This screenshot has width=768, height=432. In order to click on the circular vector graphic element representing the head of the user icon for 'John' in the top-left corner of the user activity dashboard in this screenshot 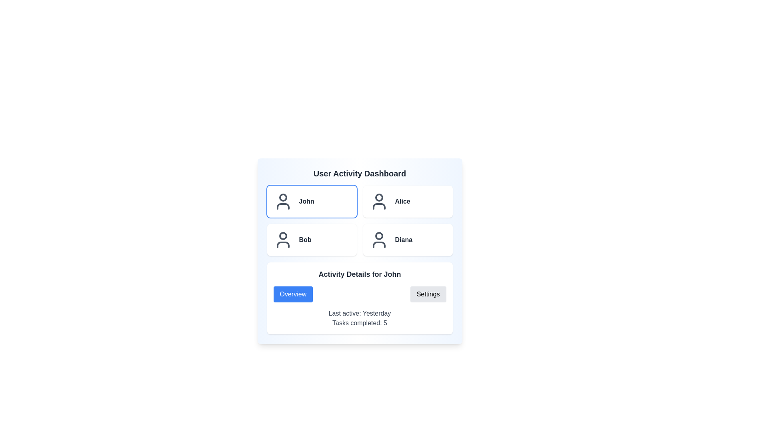, I will do `click(283, 197)`.